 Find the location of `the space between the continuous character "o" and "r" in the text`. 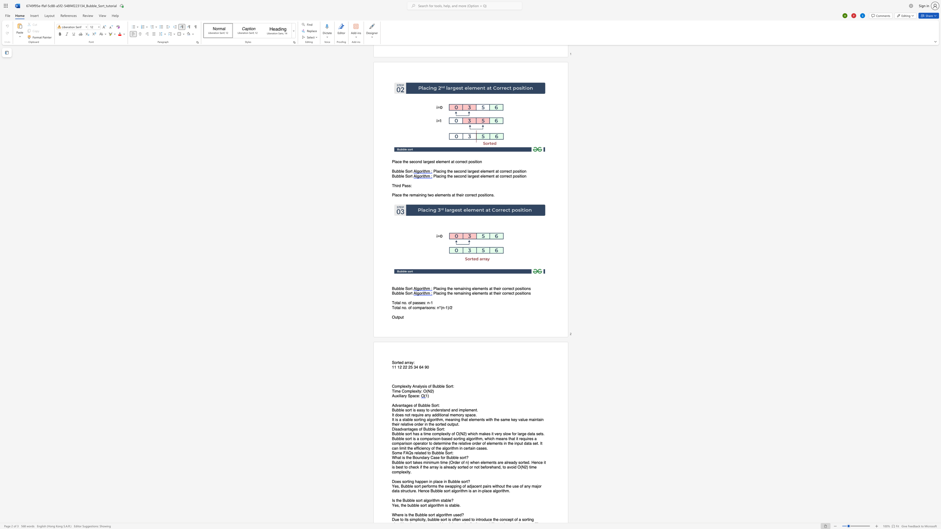

the space between the continuous character "o" and "r" in the text is located at coordinates (410, 294).